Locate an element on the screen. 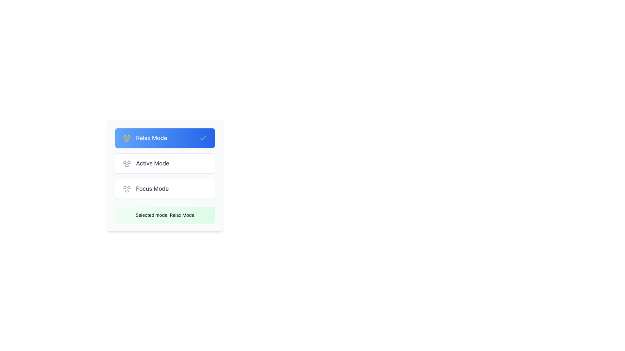 This screenshot has width=625, height=351. the 'Focus Mode' icon located to the left of the 'Focus Mode' text label in the interface is located at coordinates (127, 189).